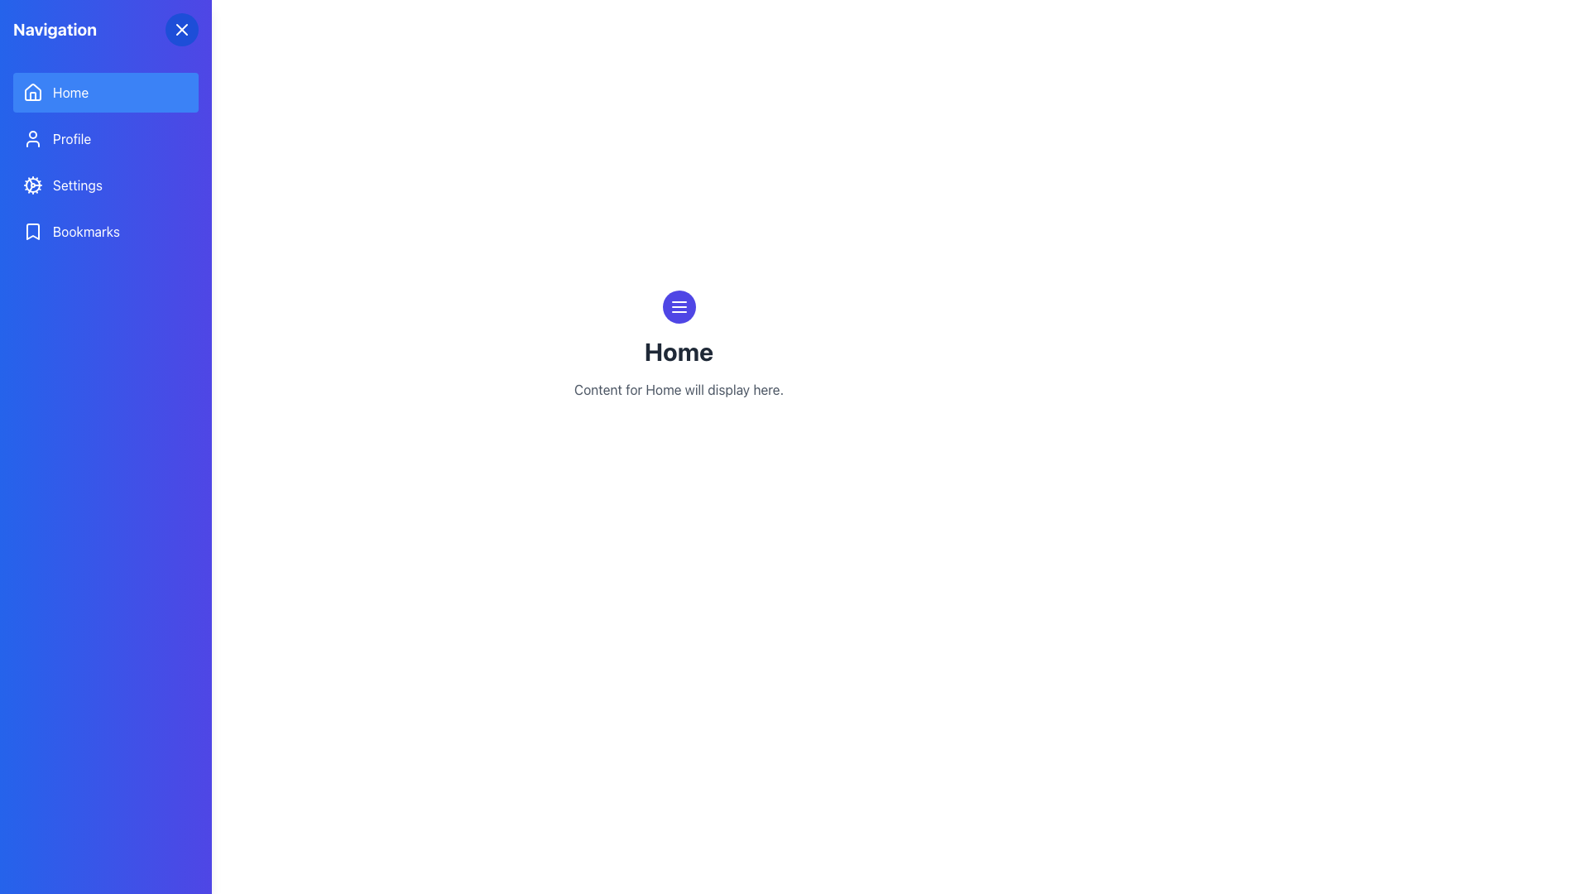  Describe the element at coordinates (76, 185) in the screenshot. I see `the 'Settings' text label in the sidebar menu` at that location.